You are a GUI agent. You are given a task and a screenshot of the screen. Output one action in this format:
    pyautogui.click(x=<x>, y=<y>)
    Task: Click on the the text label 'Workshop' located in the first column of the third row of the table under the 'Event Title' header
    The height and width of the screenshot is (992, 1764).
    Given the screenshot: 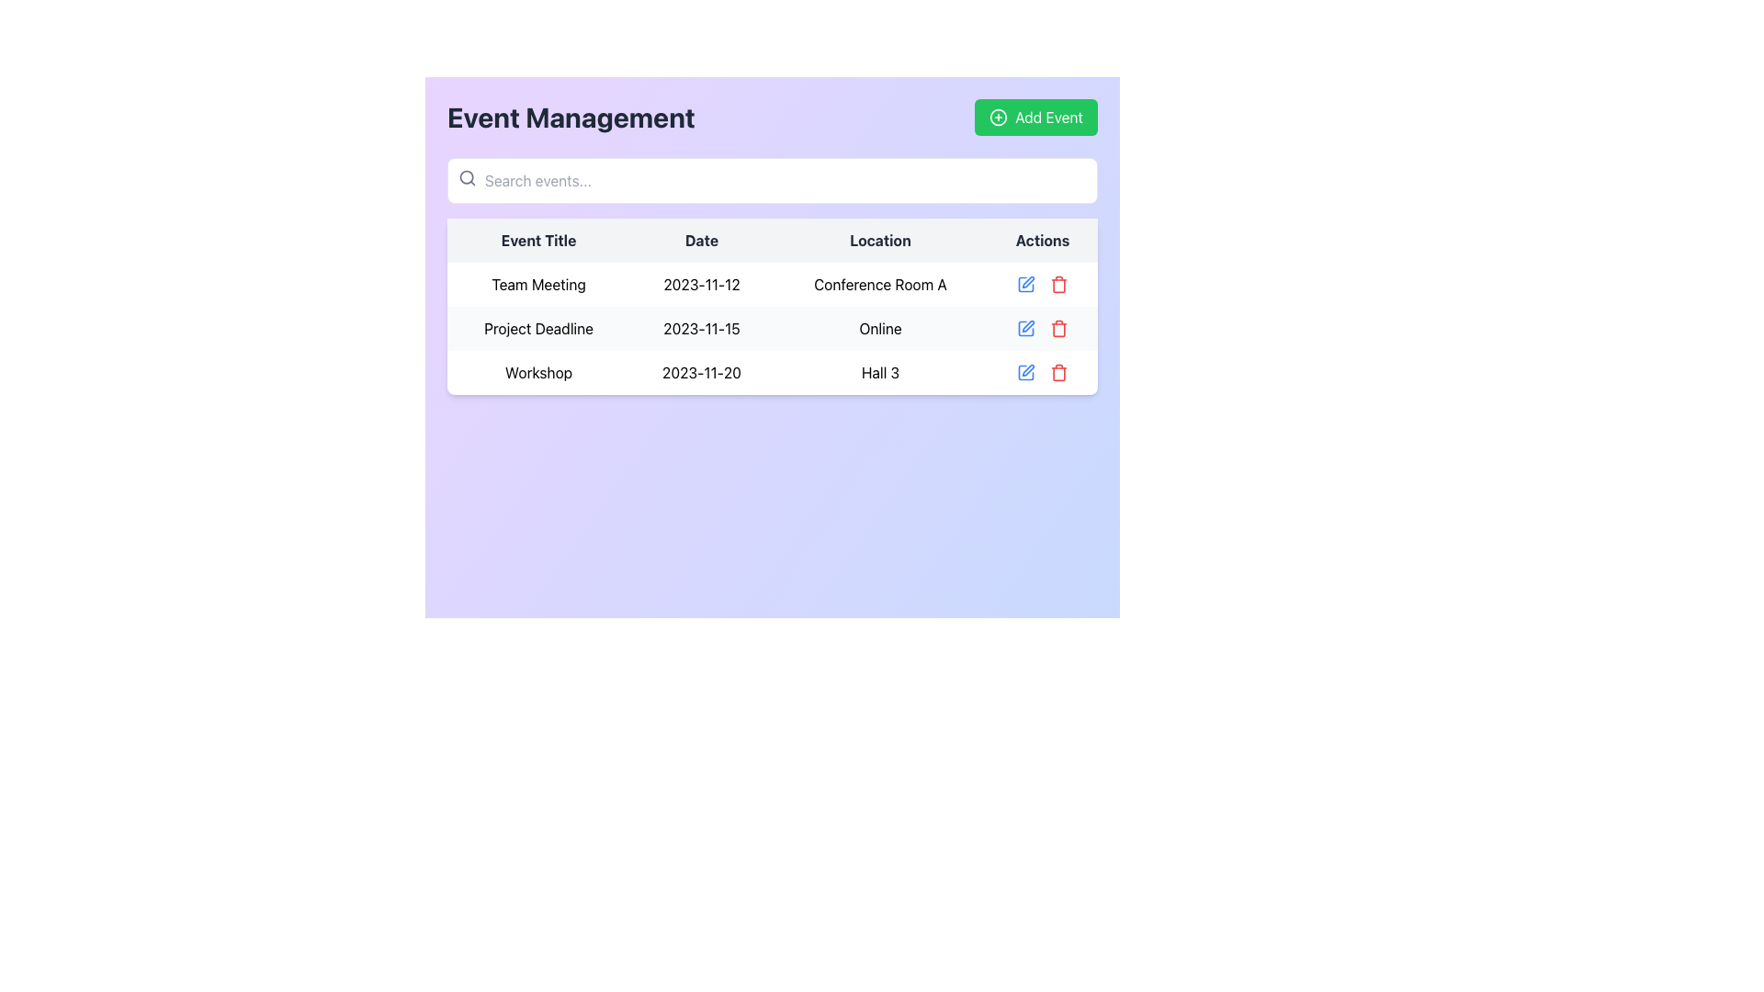 What is the action you would take?
    pyautogui.click(x=537, y=372)
    